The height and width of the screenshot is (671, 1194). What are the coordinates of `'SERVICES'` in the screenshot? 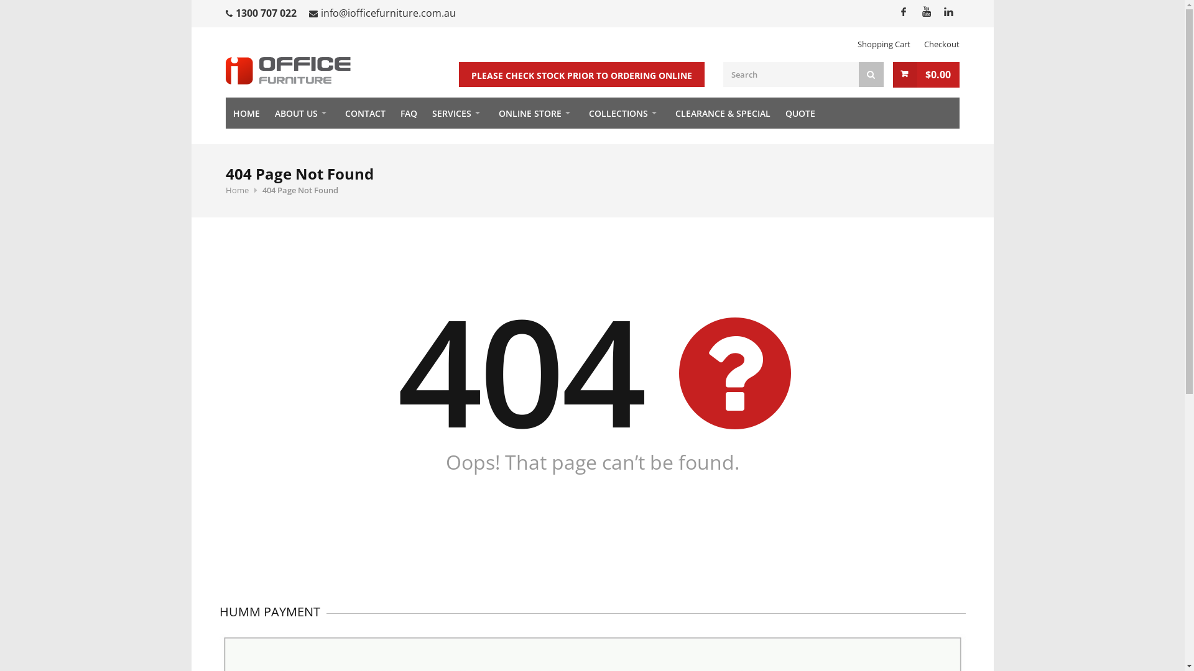 It's located at (456, 112).